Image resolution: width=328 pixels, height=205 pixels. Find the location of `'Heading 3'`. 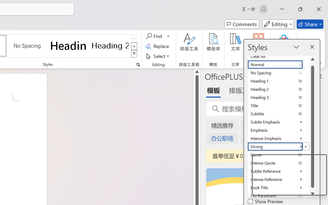

'Heading 3' is located at coordinates (278, 97).